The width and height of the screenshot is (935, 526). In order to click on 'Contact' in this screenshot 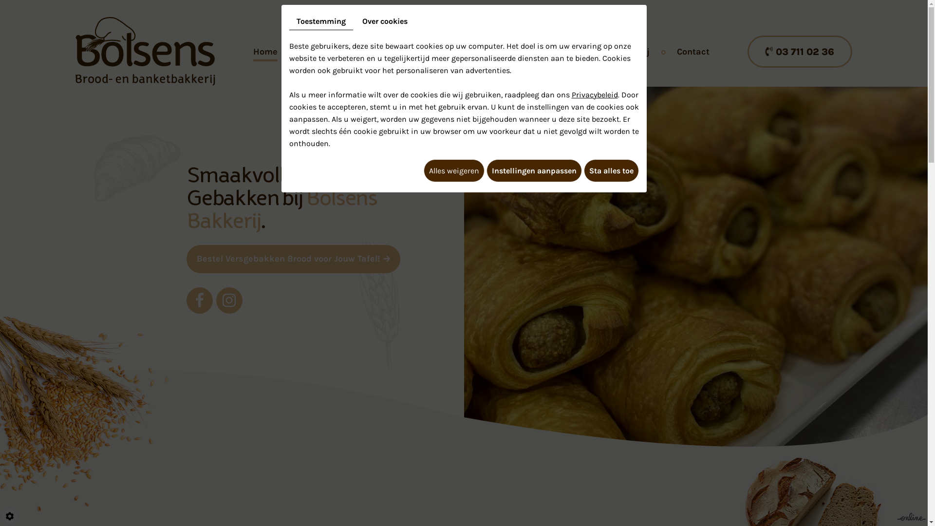, I will do `click(692, 51)`.